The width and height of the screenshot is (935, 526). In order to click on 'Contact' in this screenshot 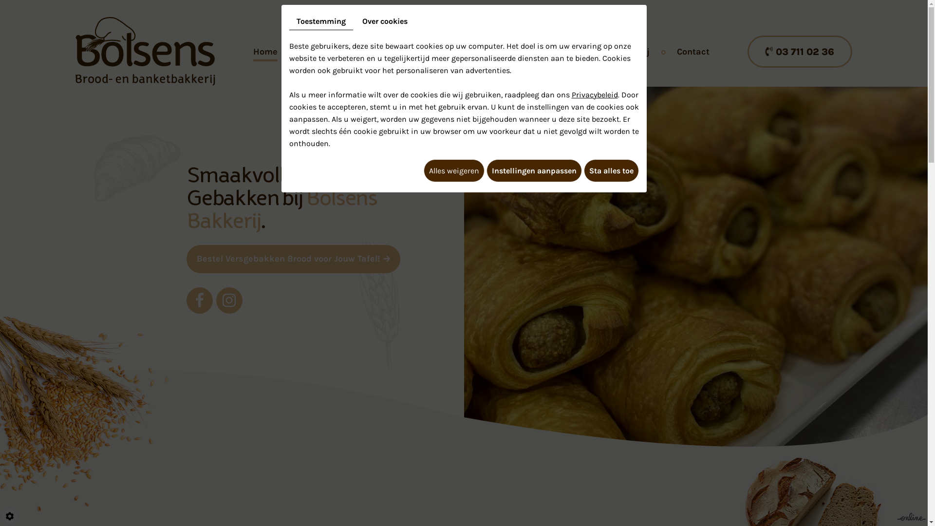, I will do `click(692, 51)`.